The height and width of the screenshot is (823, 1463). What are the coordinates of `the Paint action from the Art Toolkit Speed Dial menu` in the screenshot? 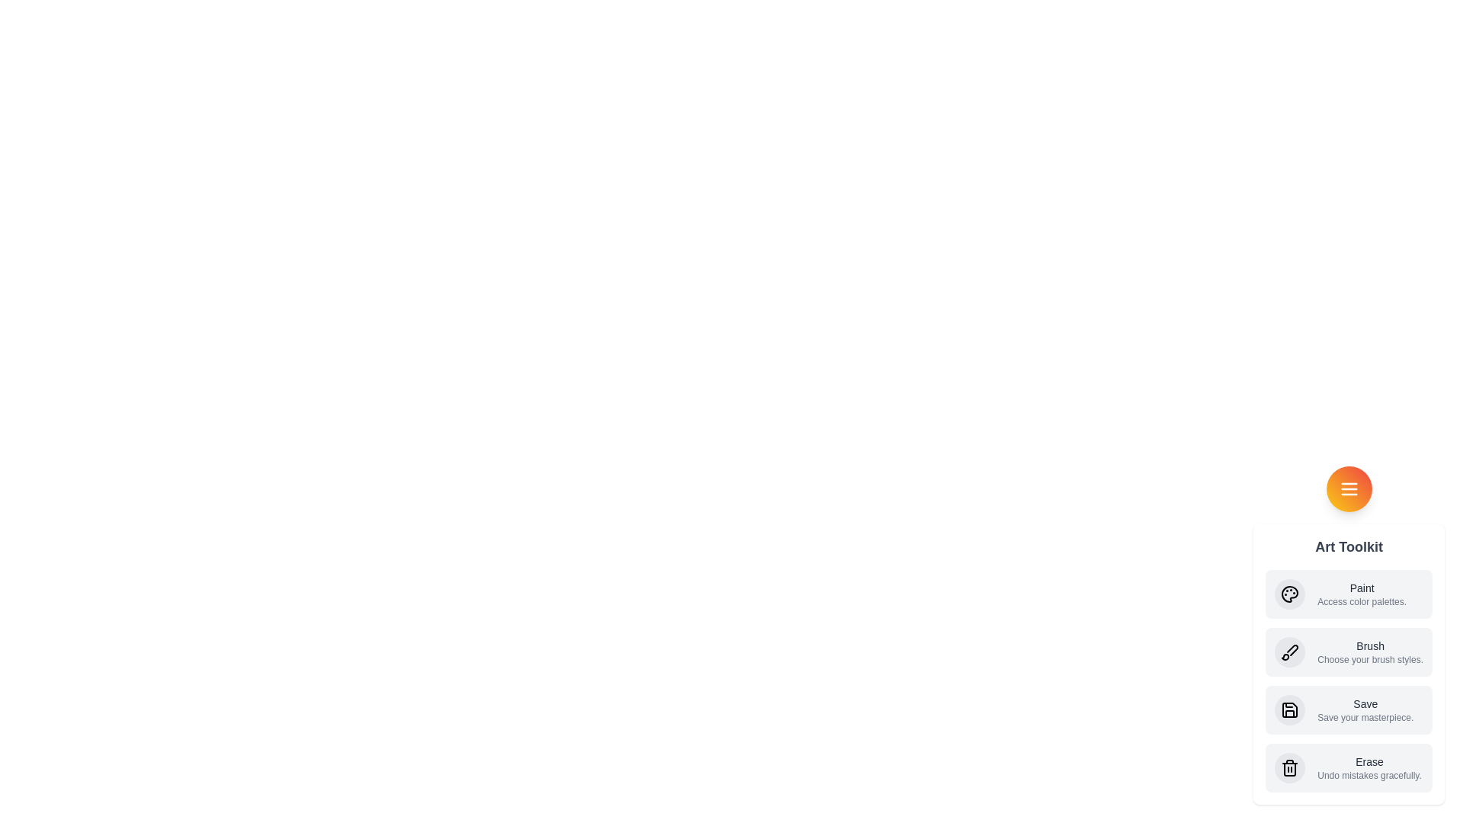 It's located at (1349, 593).